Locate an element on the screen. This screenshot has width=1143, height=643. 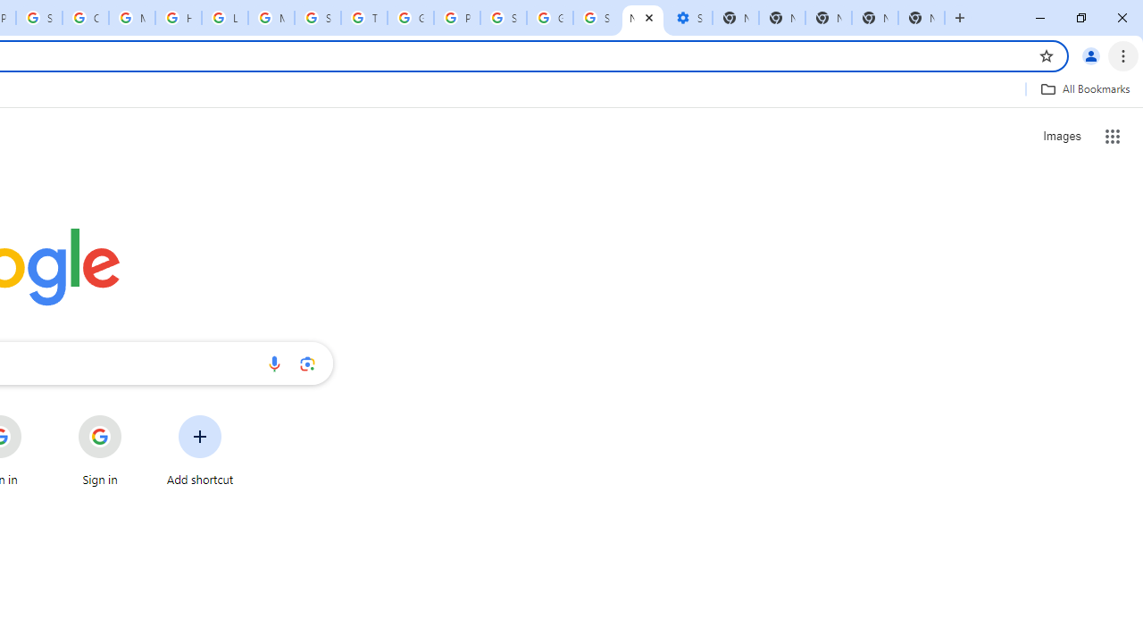
'Settings - Performance' is located at coordinates (688, 18).